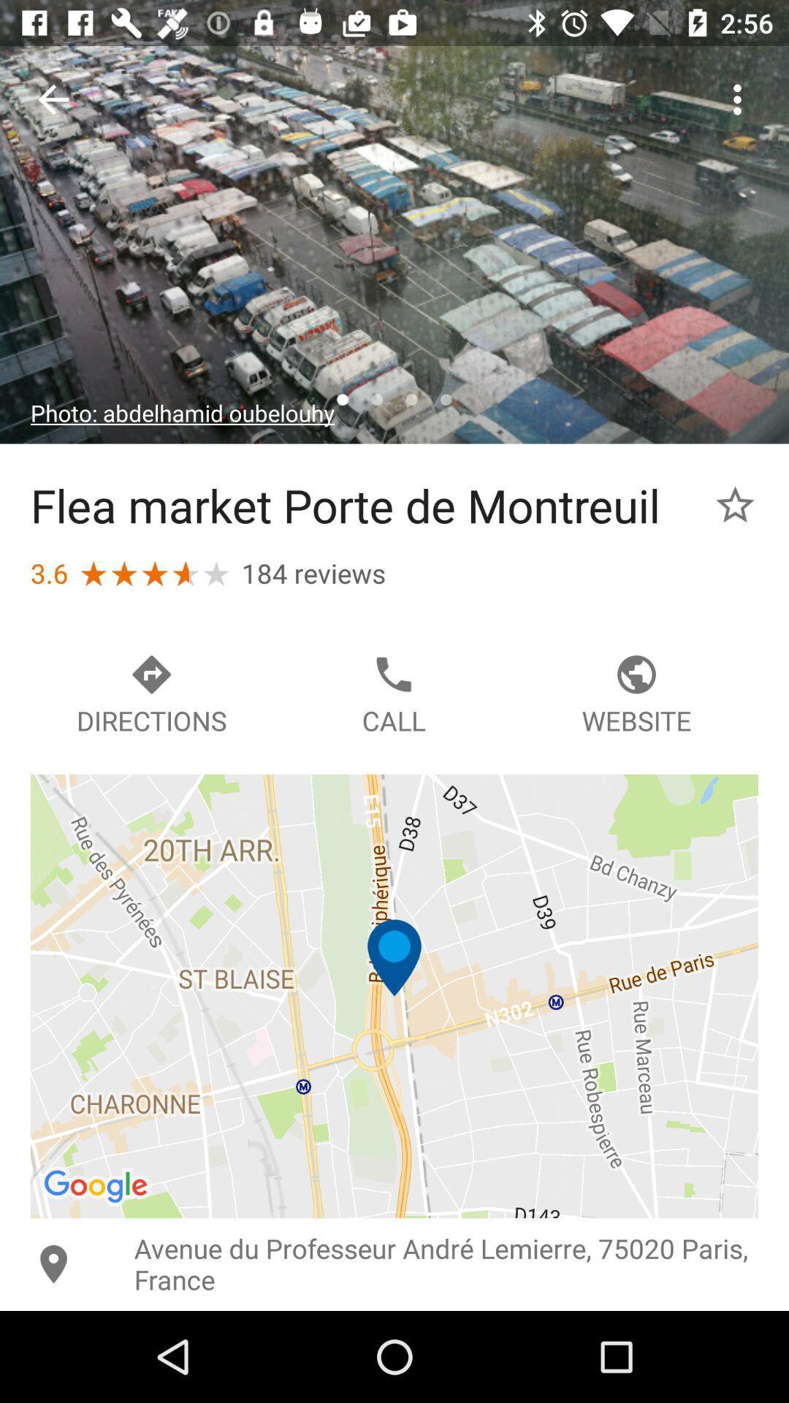 The width and height of the screenshot is (789, 1403). I want to click on the star icon, so click(735, 505).